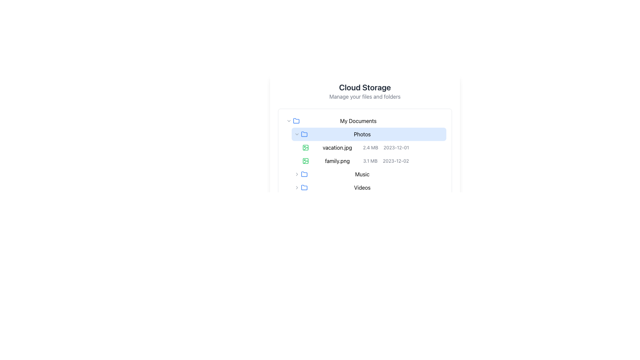  What do you see at coordinates (364, 154) in the screenshot?
I see `the second file entry under the 'Photos' section in the 'Cloud Storage' utility` at bounding box center [364, 154].